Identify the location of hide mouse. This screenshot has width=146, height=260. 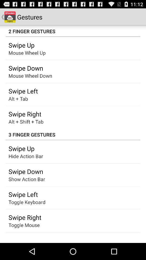
(21, 179).